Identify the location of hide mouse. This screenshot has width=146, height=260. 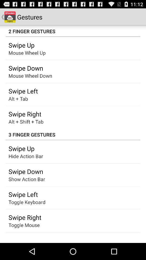
(21, 179).